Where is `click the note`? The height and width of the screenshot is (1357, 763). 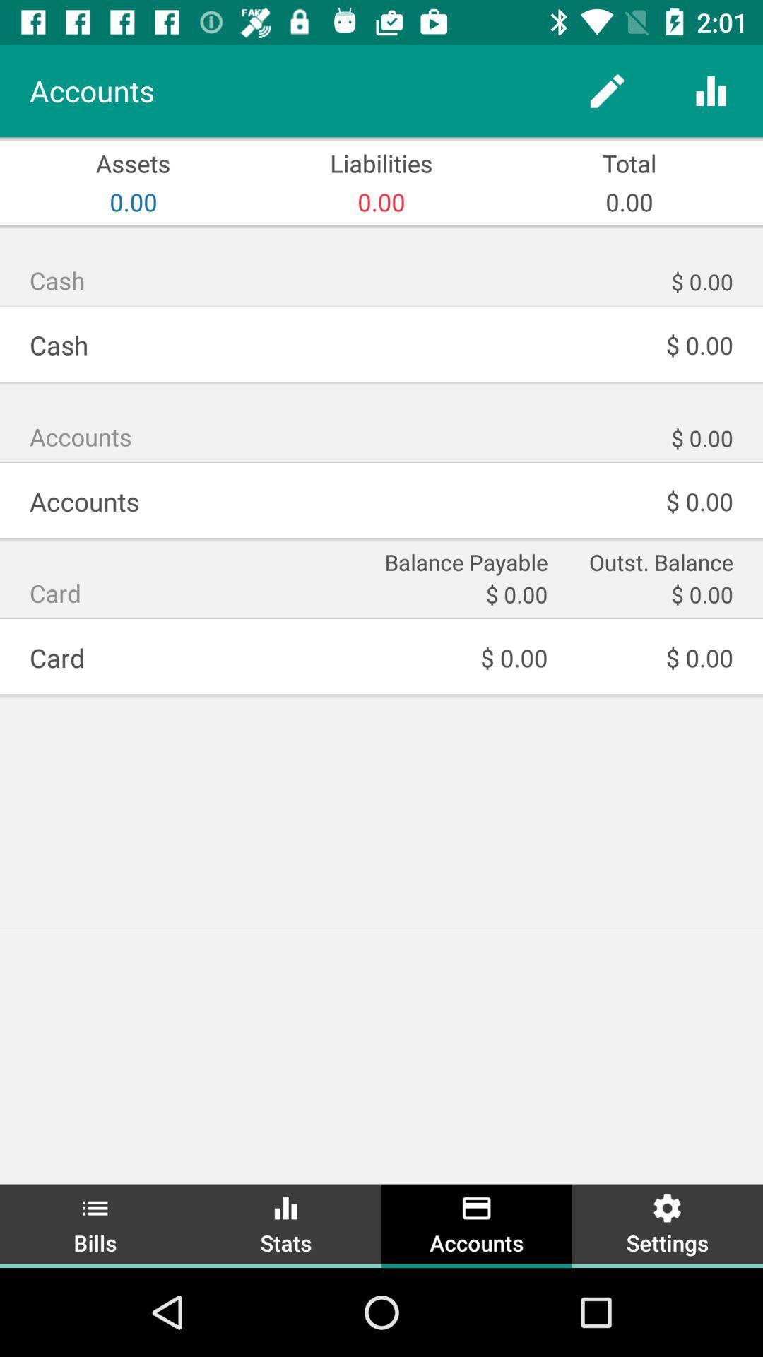
click the note is located at coordinates (606, 90).